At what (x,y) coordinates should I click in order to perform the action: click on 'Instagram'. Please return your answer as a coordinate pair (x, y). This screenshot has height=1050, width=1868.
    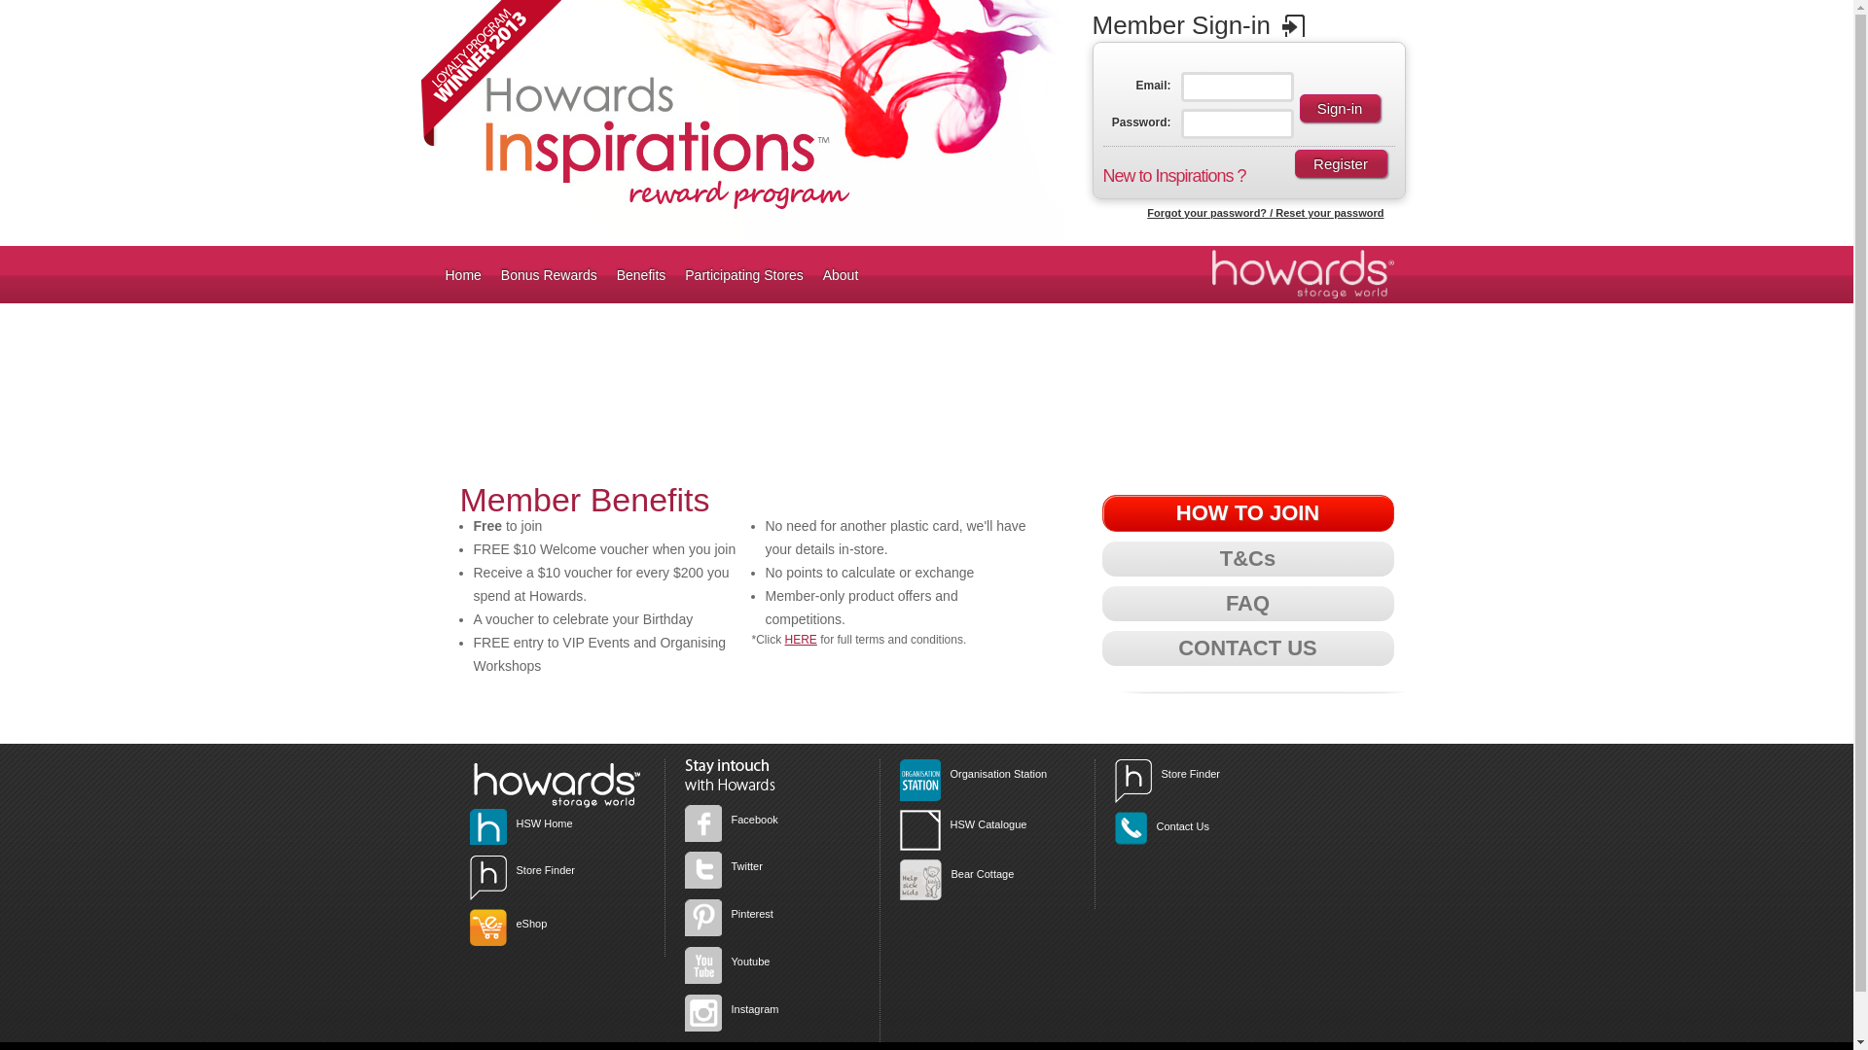
    Looking at the image, I should click on (754, 1007).